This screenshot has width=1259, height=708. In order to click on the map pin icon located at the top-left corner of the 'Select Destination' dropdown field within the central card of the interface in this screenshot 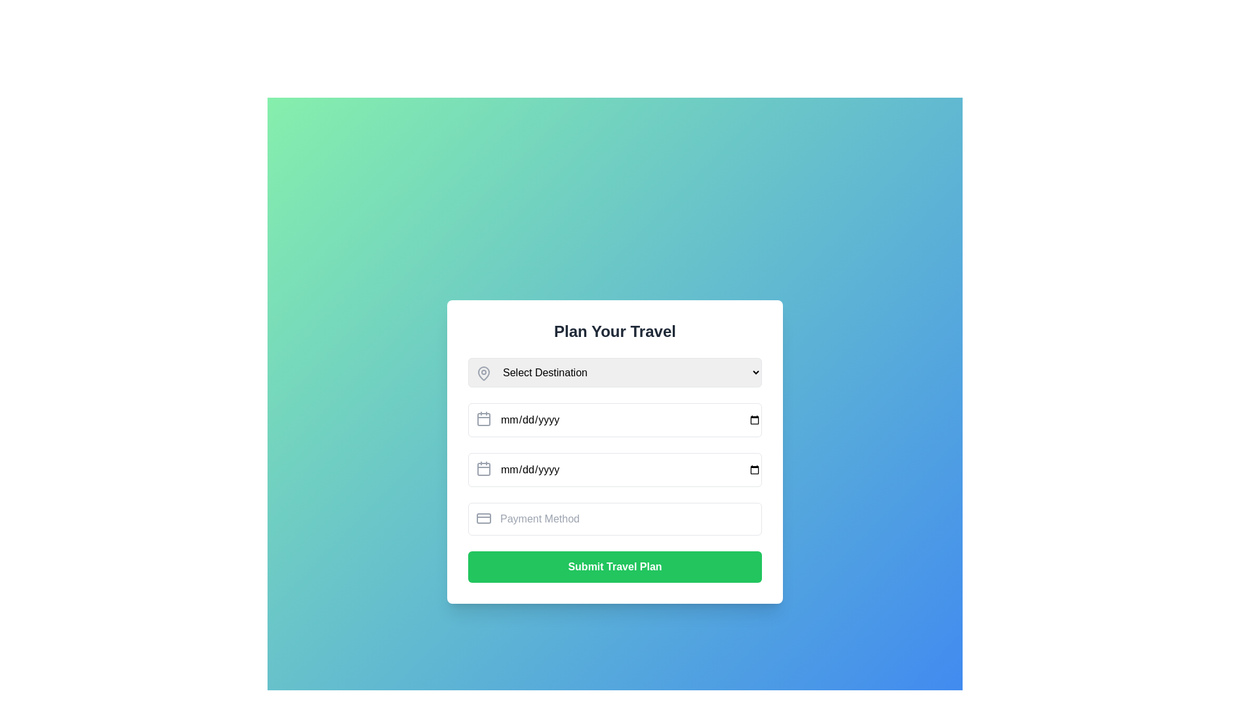, I will do `click(483, 373)`.